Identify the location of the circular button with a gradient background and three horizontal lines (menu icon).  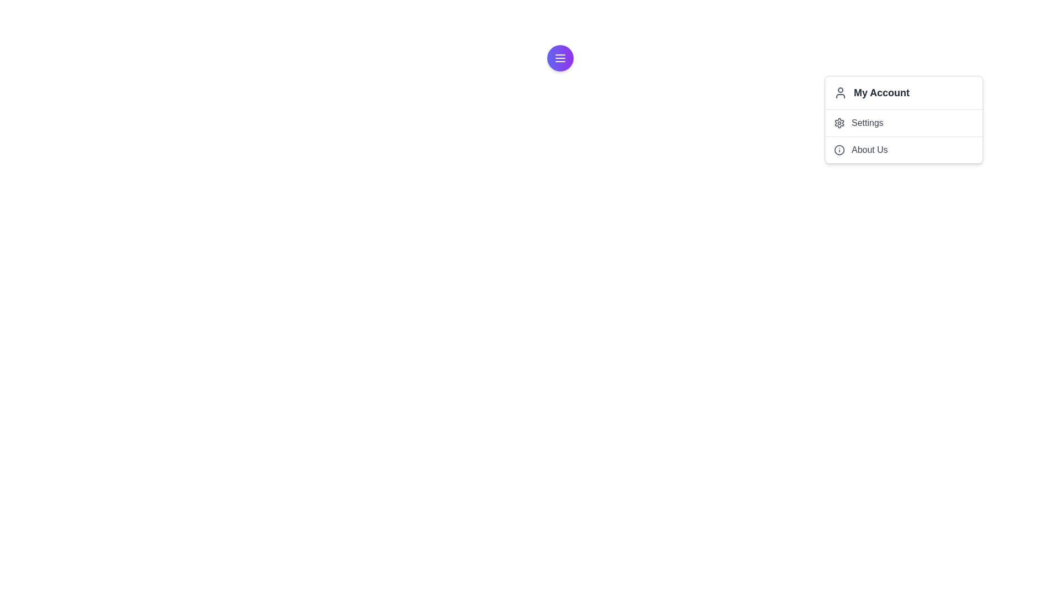
(560, 58).